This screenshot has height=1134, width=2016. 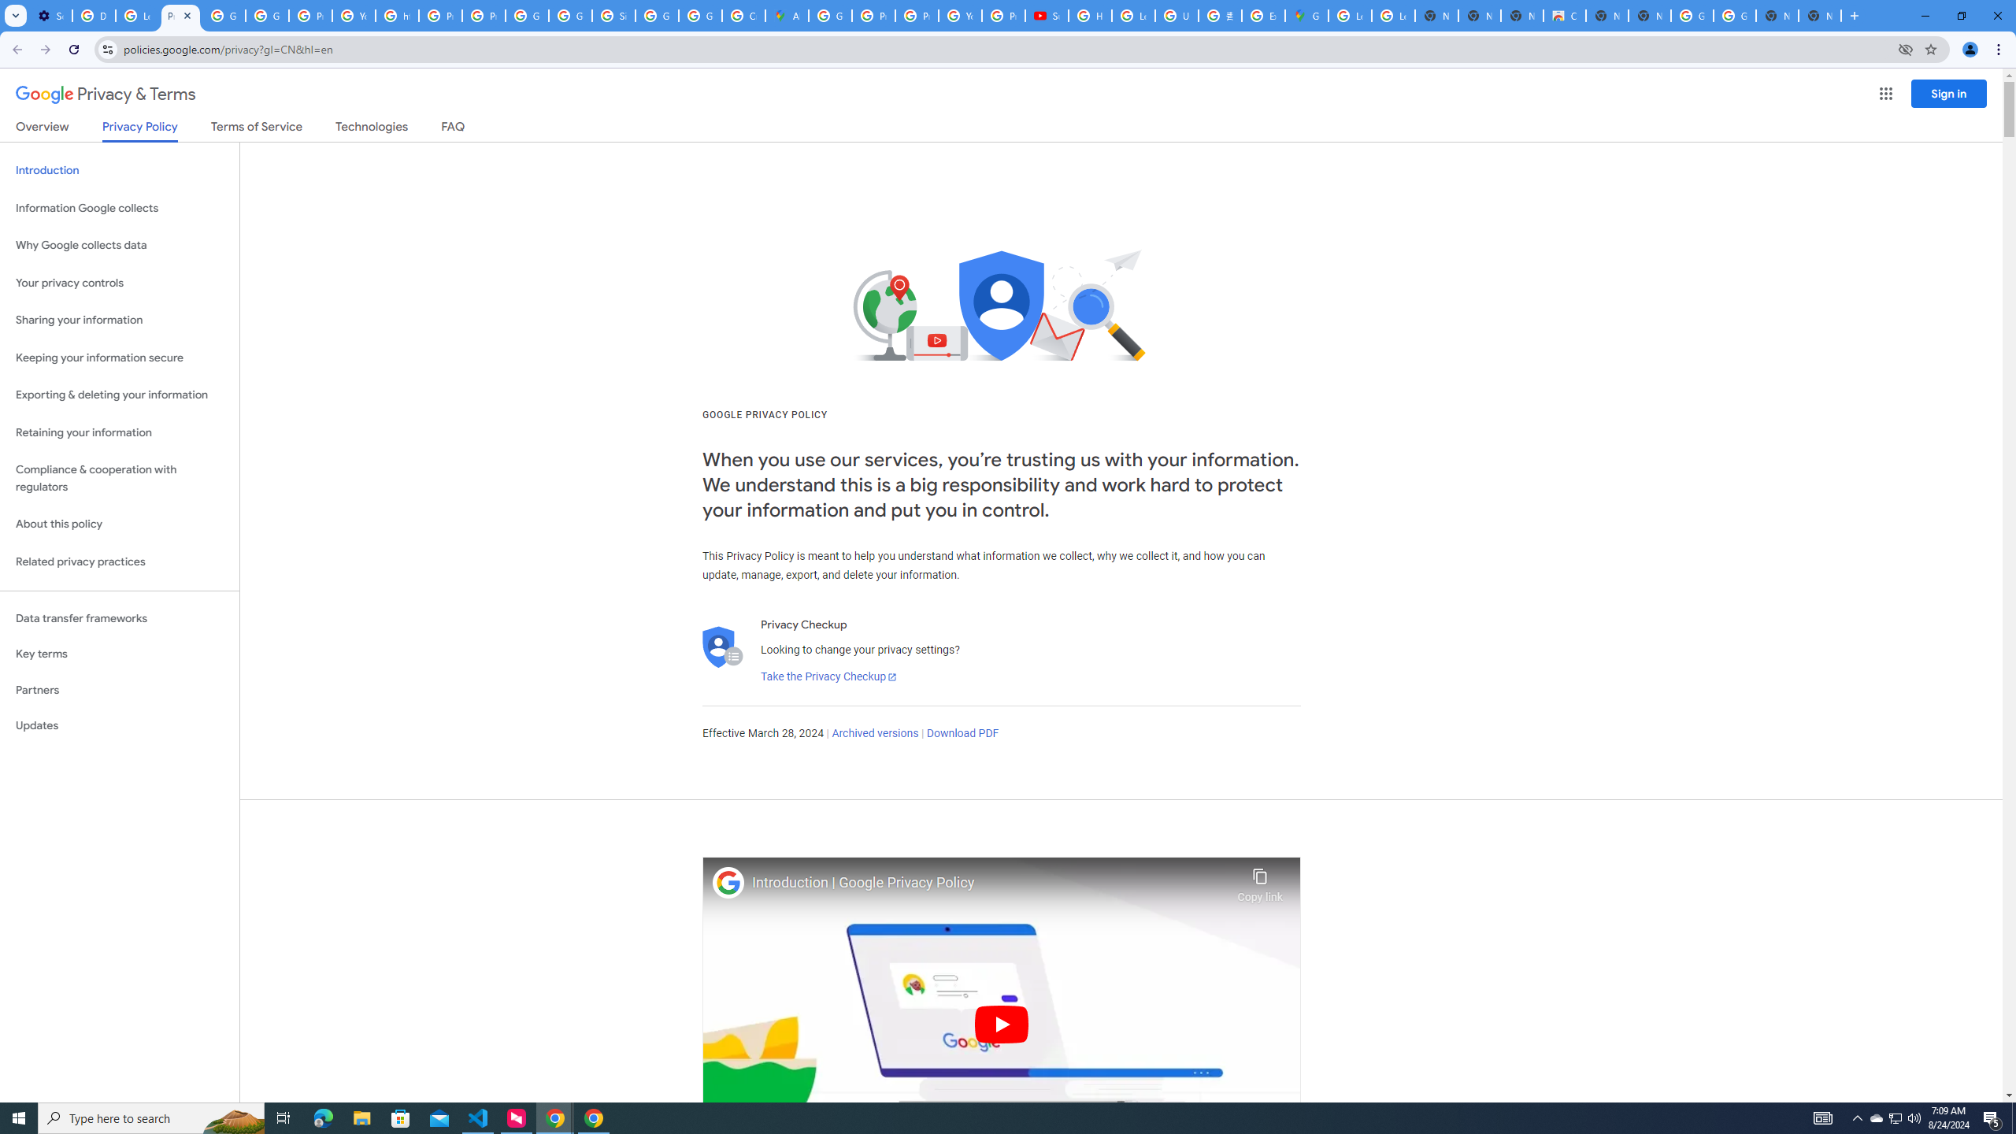 What do you see at coordinates (728, 881) in the screenshot?
I see `'Photo image of Google'` at bounding box center [728, 881].